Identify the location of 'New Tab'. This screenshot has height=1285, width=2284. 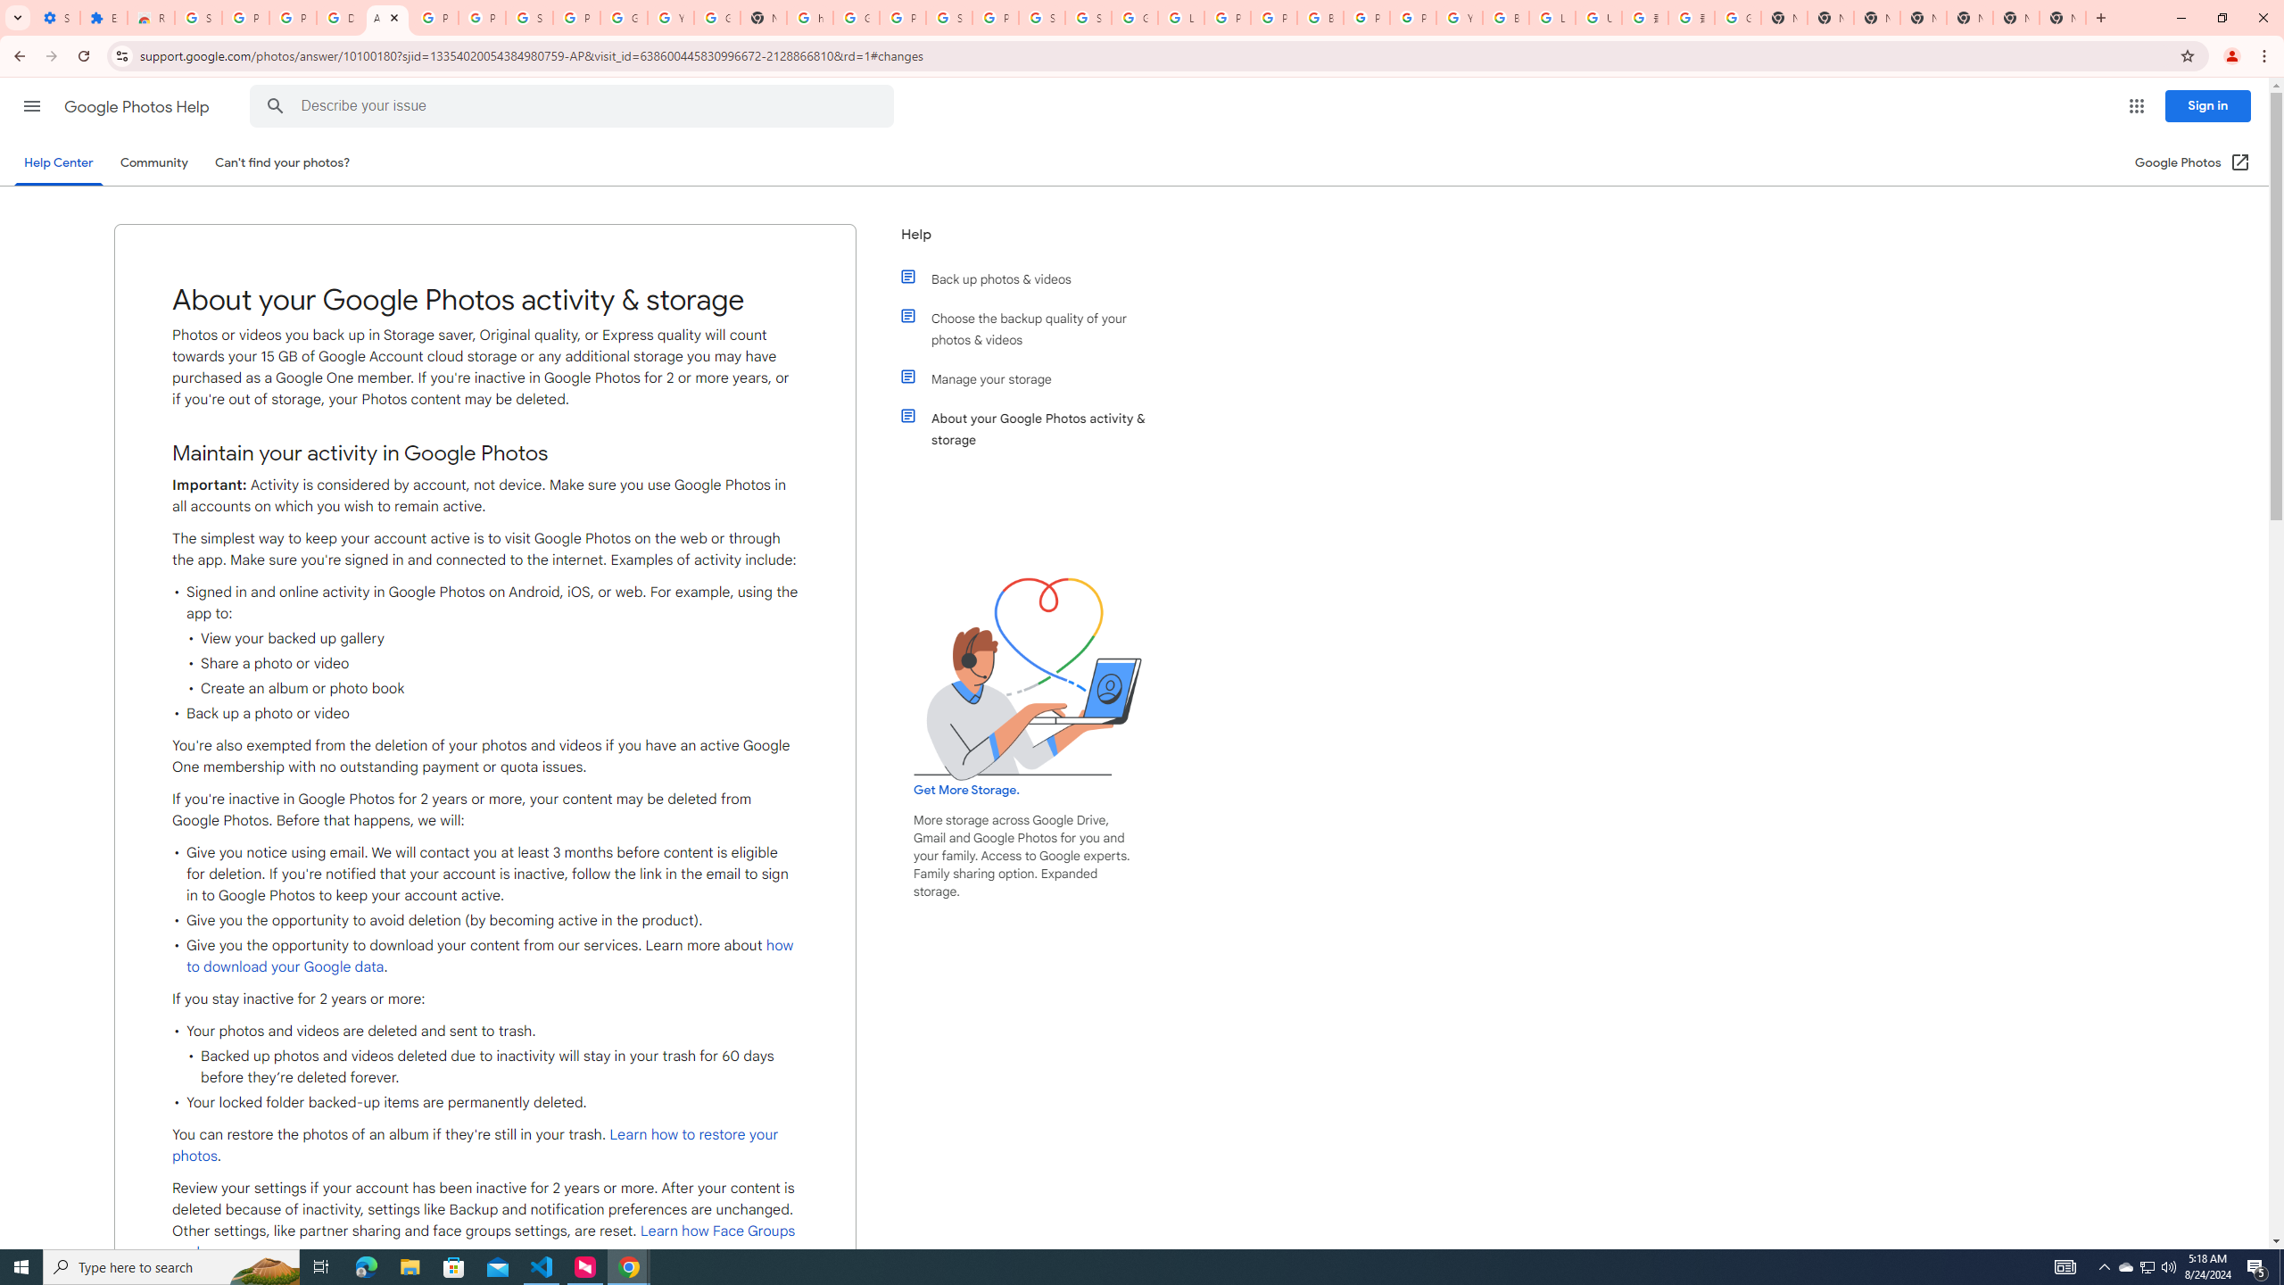
(1924, 17).